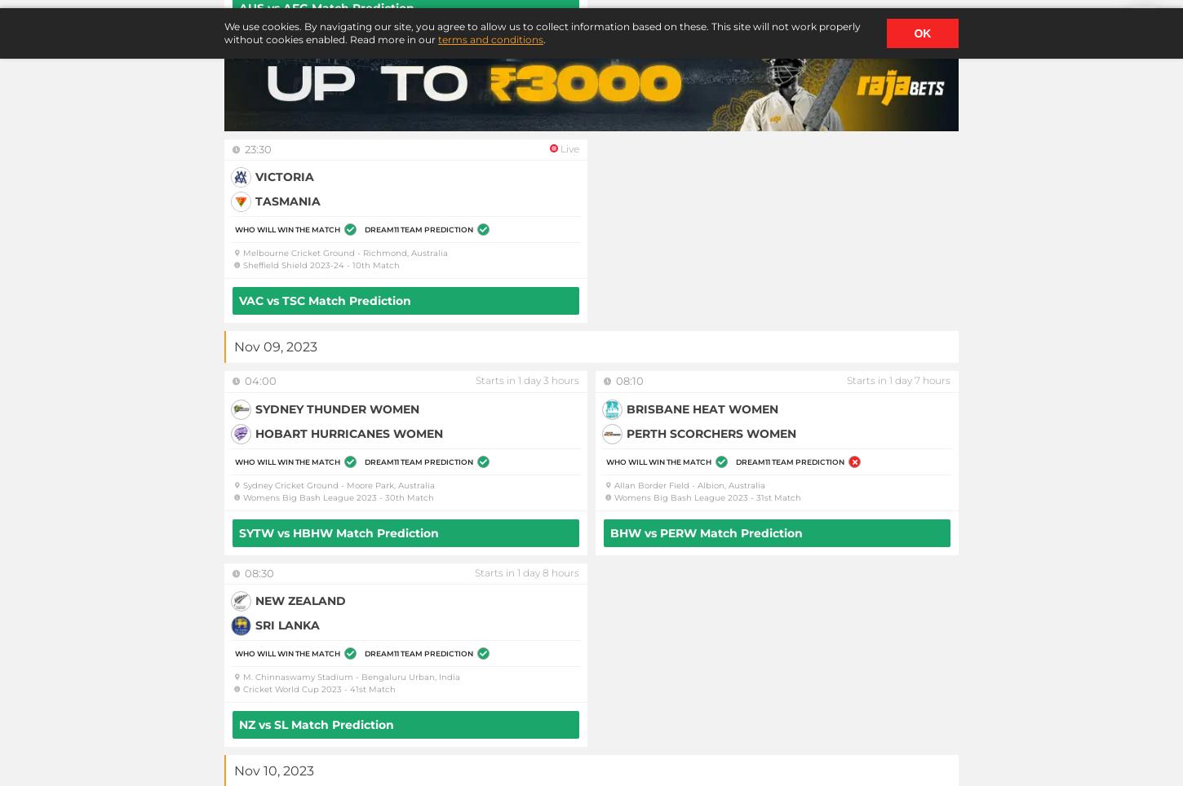  I want to click on '41st Match', so click(372, 689).